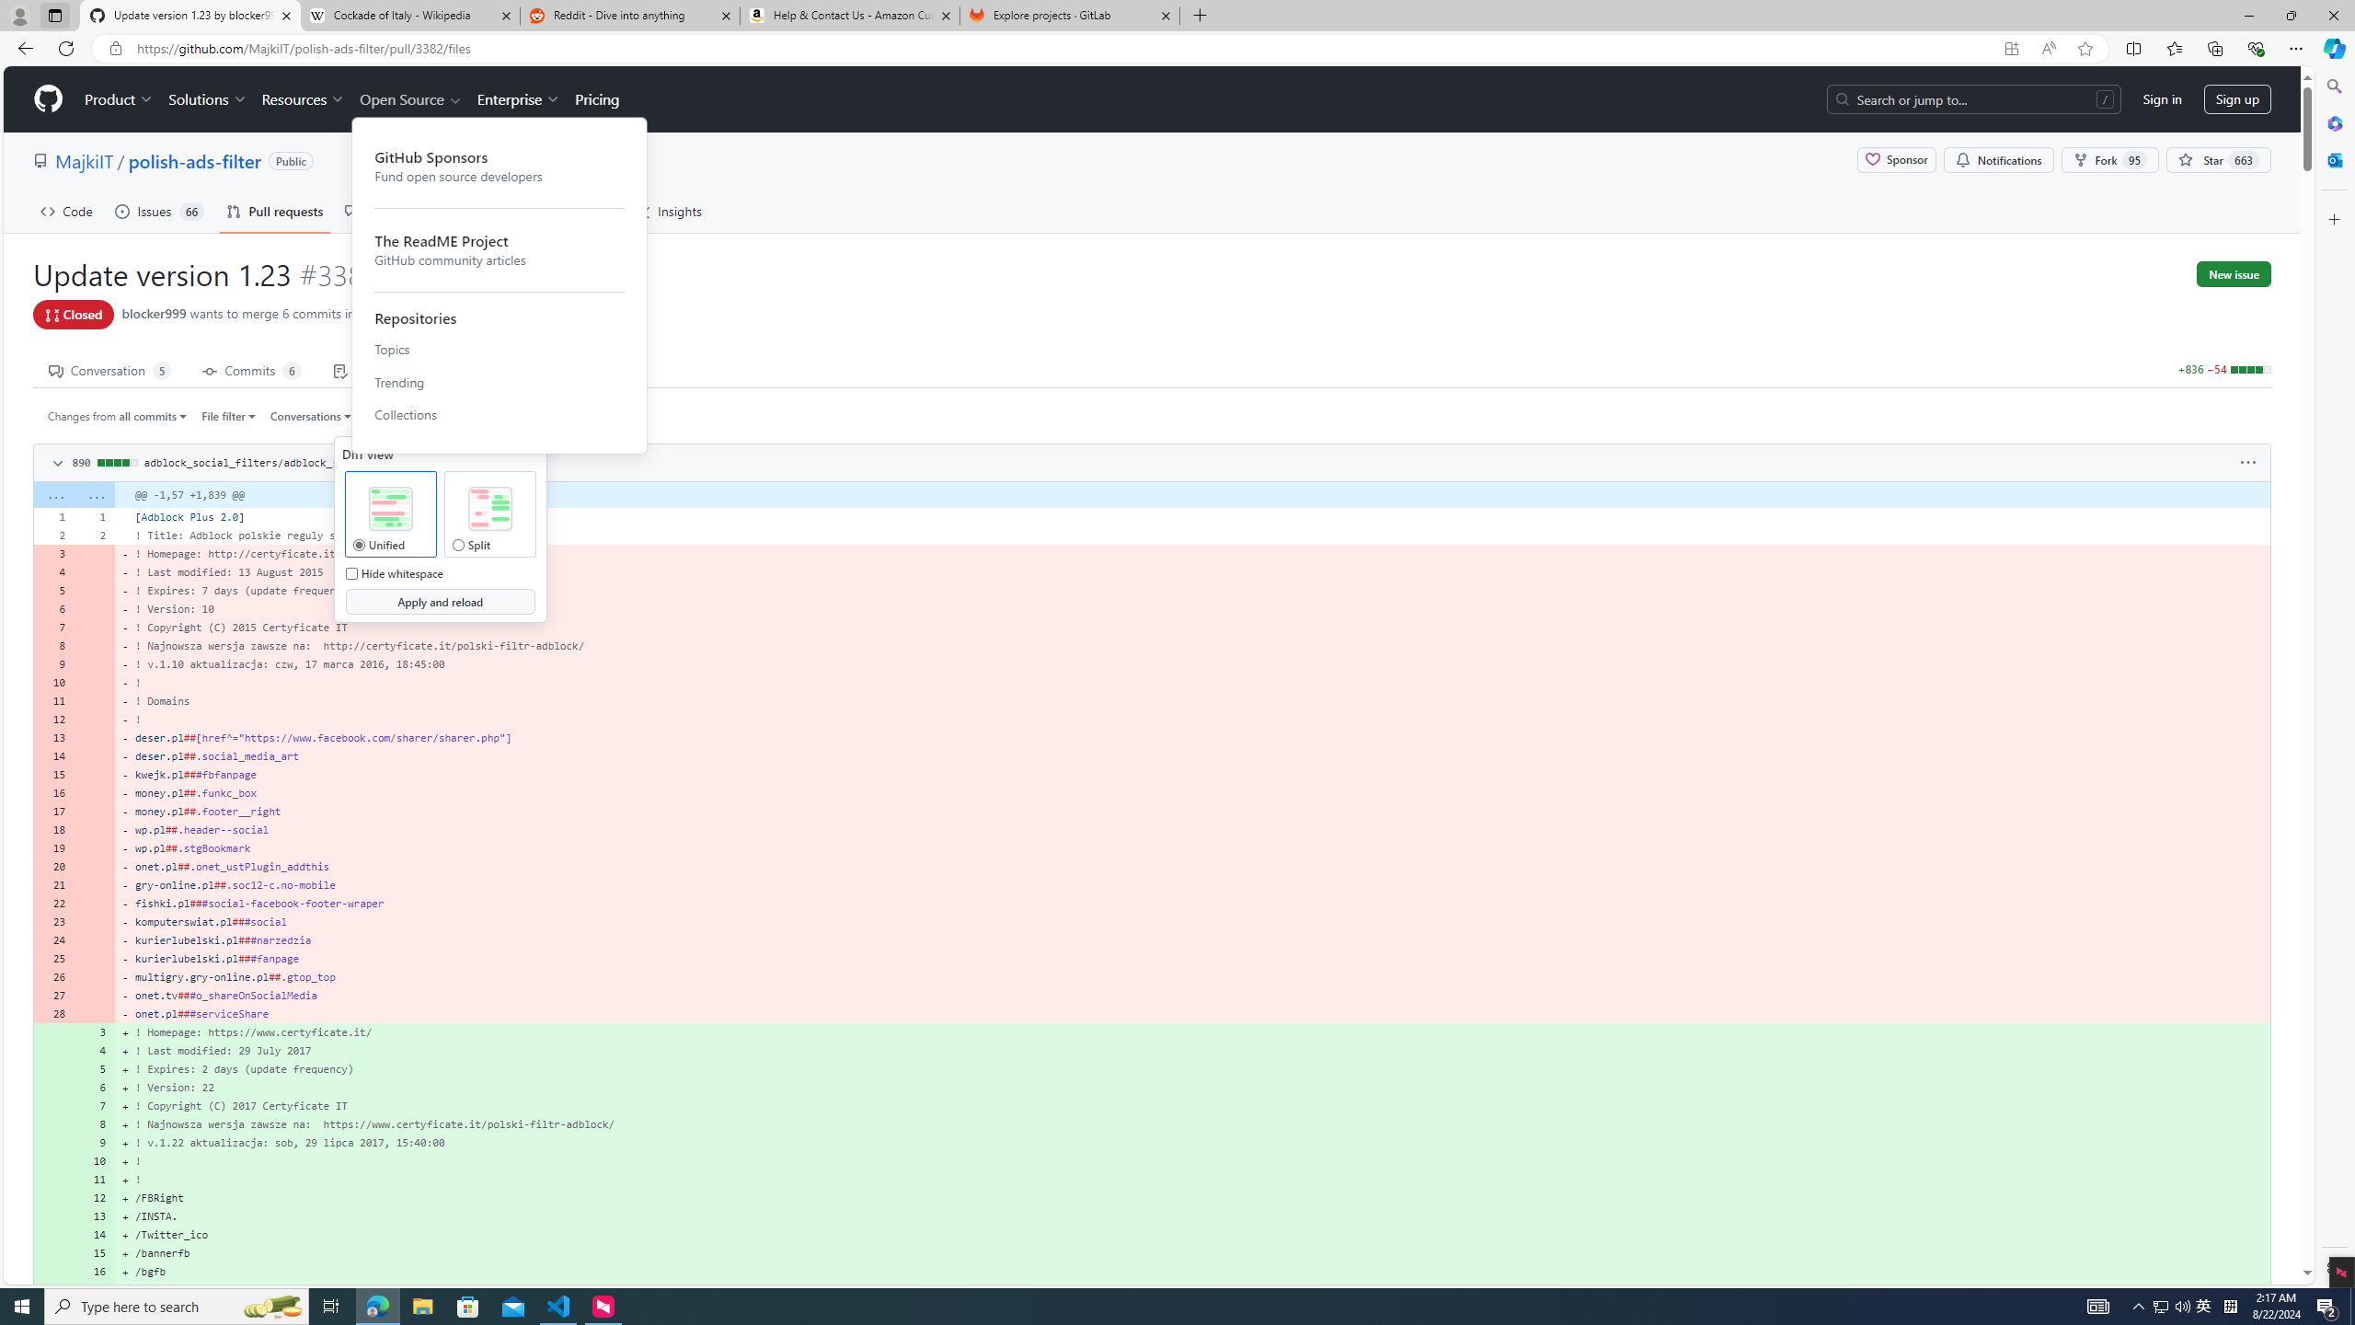 The width and height of the screenshot is (2355, 1325). What do you see at coordinates (850, 15) in the screenshot?
I see `'Help & Contact Us - Amazon Customer Service'` at bounding box center [850, 15].